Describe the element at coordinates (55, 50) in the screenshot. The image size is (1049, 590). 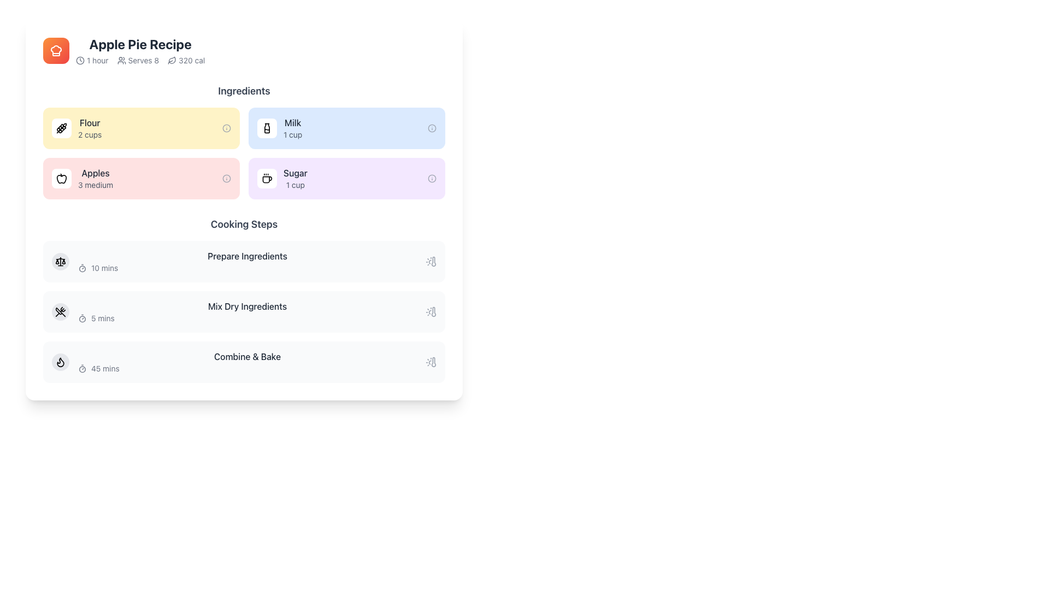
I see `the decorative cooking icon located at the top-left corner of the interface, adjacent to the 'Apple Pie Recipe' title text` at that location.